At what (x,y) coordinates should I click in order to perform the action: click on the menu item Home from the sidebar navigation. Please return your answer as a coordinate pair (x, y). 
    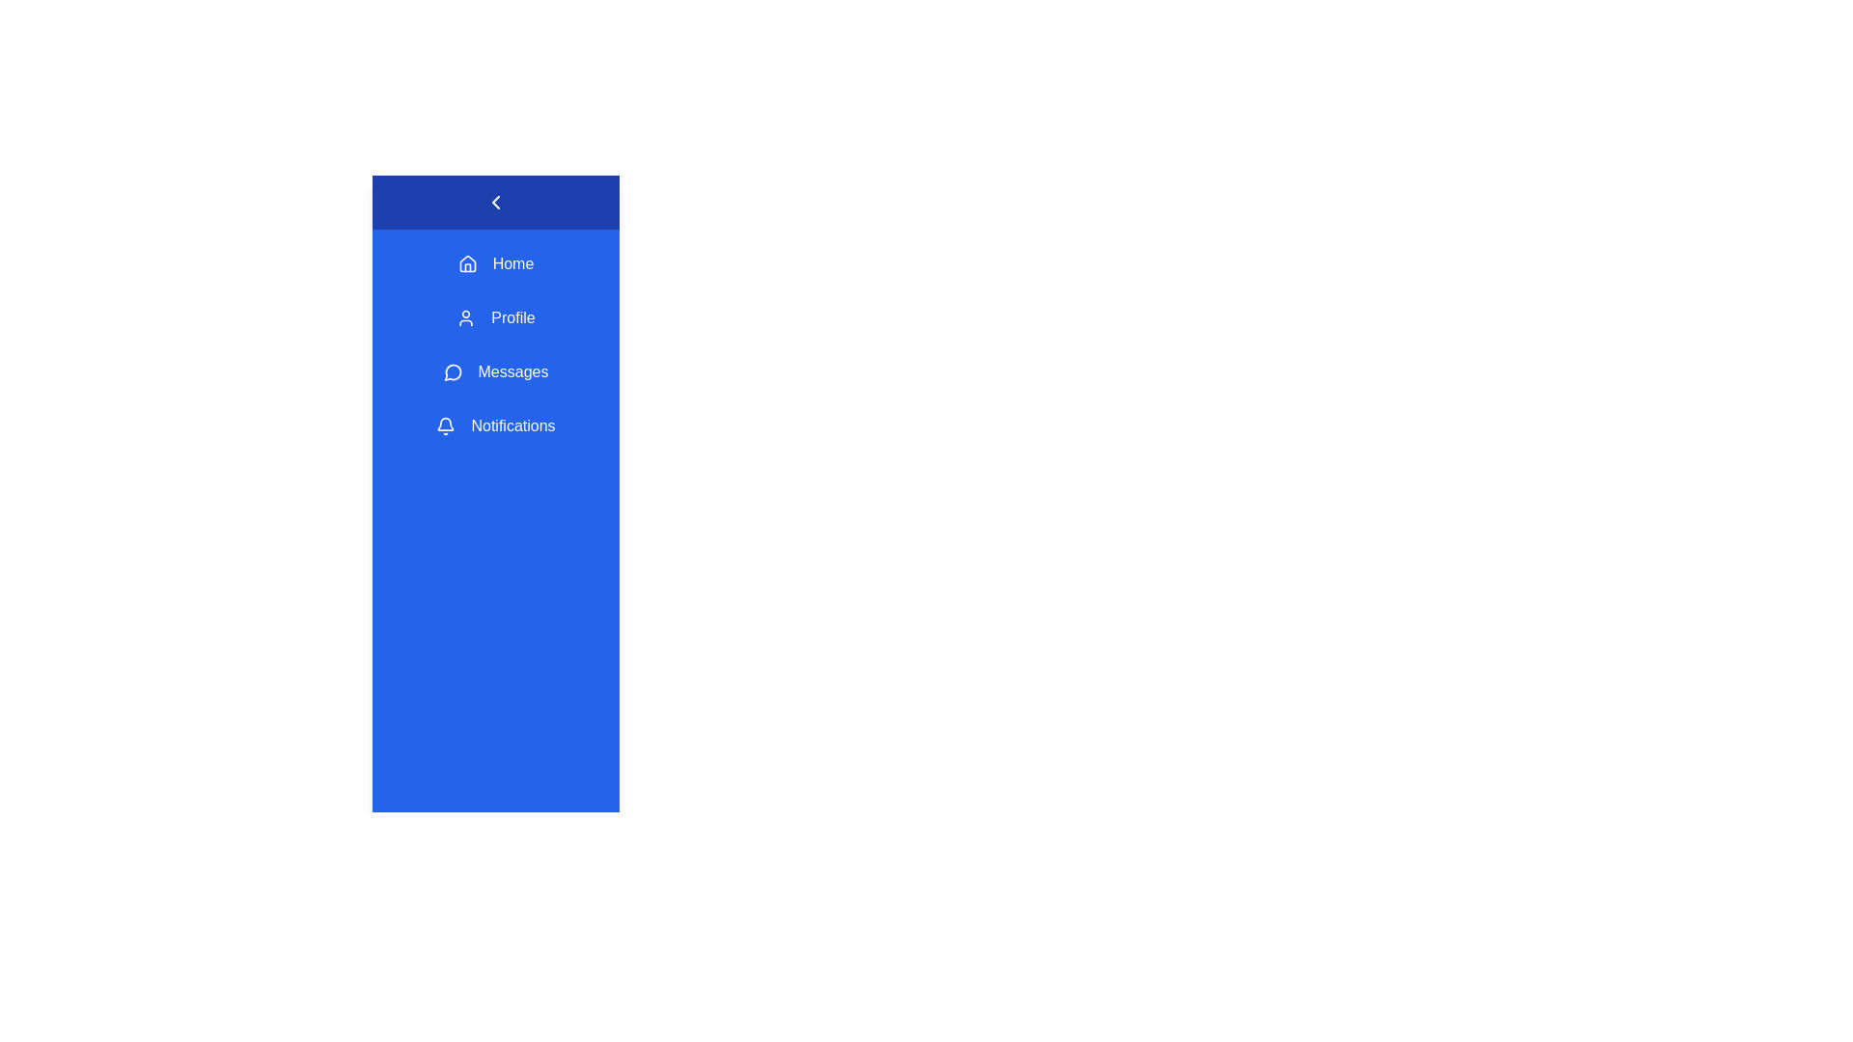
    Looking at the image, I should click on (495, 263).